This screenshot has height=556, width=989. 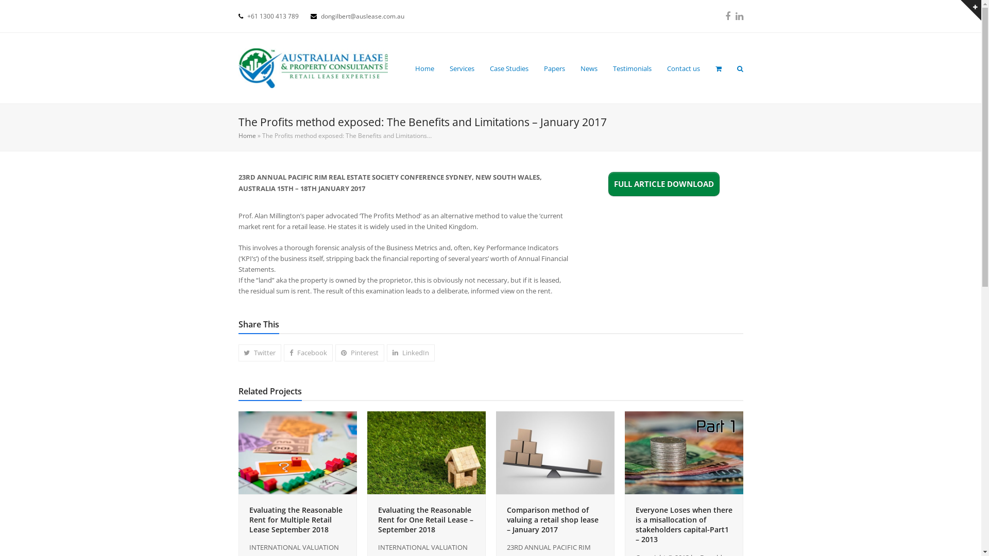 I want to click on 'Case Studies', so click(x=509, y=68).